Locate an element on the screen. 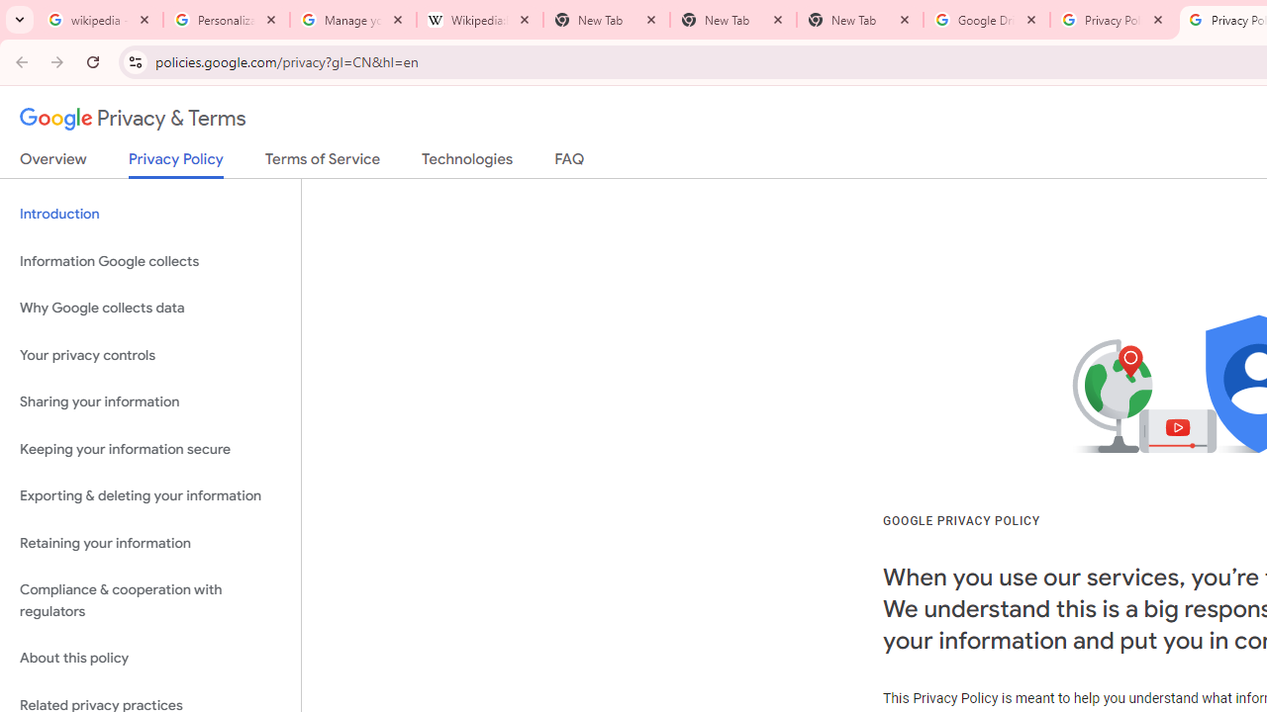 The image size is (1267, 712). 'Your privacy controls' is located at coordinates (149, 354).